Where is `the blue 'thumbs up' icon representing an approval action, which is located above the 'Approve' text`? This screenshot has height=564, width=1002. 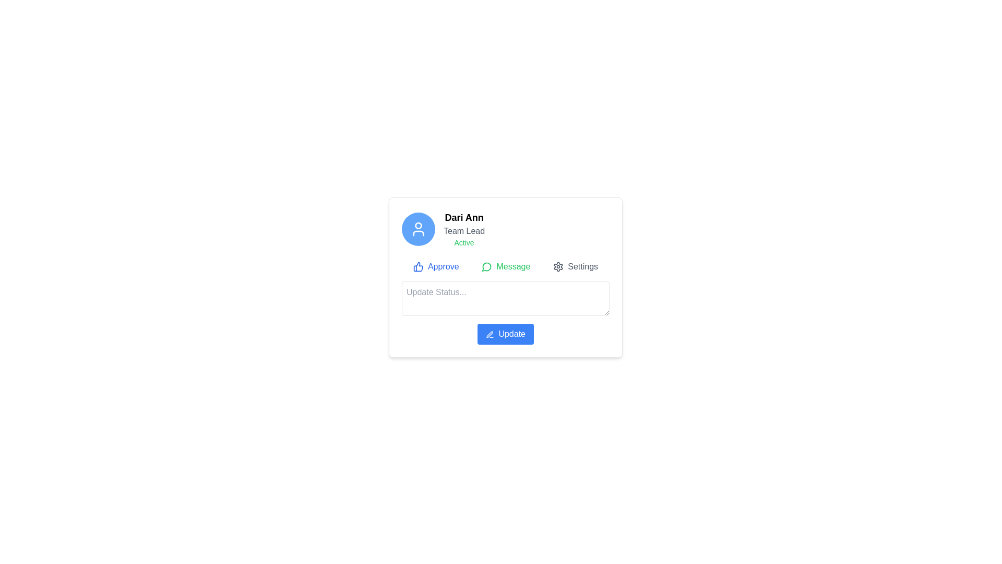 the blue 'thumbs up' icon representing an approval action, which is located above the 'Approve' text is located at coordinates (418, 266).